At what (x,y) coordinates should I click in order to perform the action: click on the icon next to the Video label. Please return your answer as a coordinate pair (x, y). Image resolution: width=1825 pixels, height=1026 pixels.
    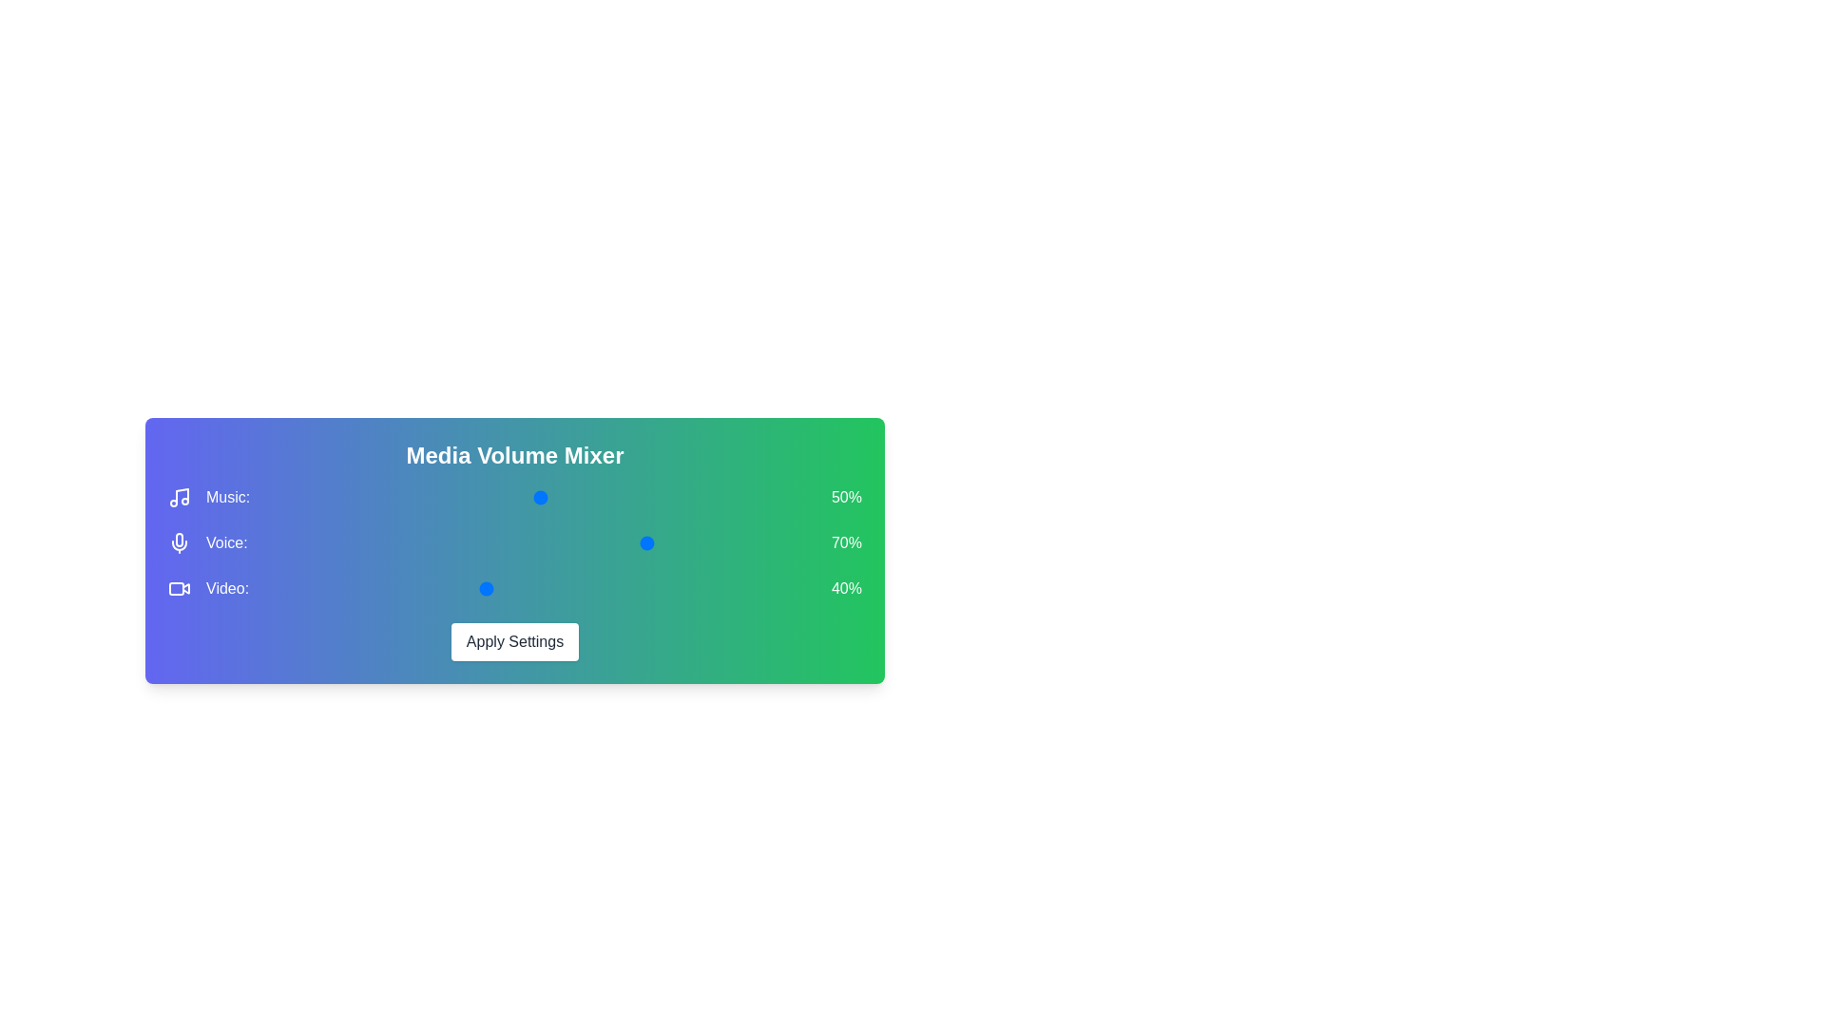
    Looking at the image, I should click on (179, 588).